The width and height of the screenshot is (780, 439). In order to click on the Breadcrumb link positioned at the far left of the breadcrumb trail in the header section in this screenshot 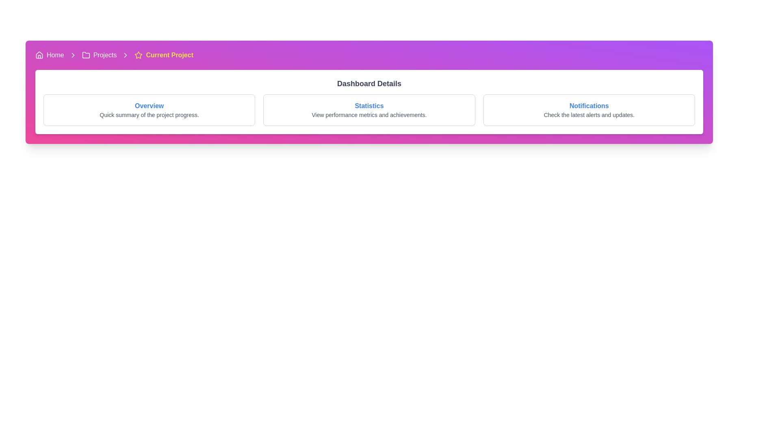, I will do `click(49, 55)`.